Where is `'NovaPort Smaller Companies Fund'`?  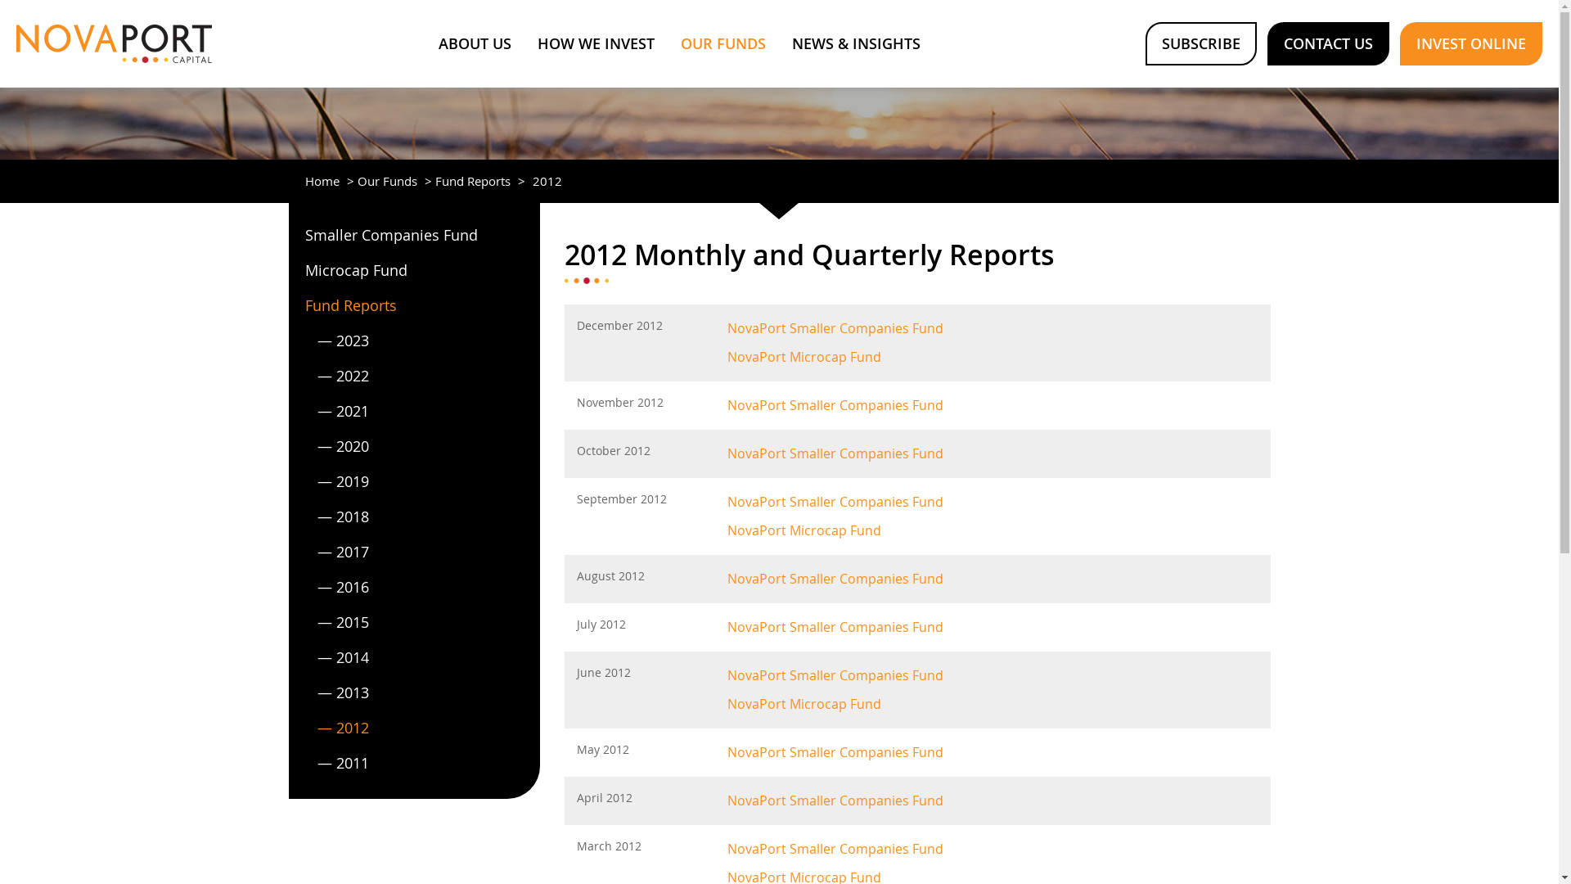 'NovaPort Smaller Companies Fund' is located at coordinates (835, 453).